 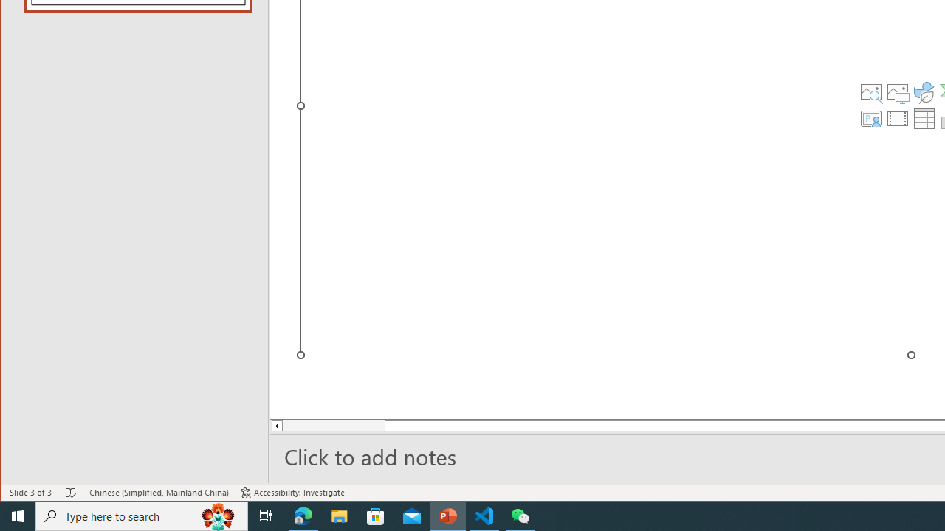 I want to click on 'Search highlights icon opens search home window', so click(x=217, y=515).